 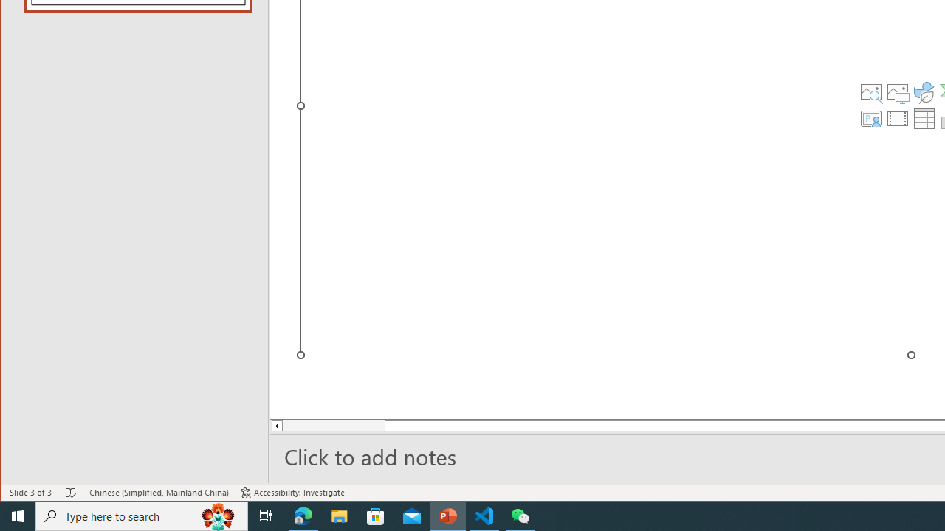 I want to click on 'Search highlights icon opens search home window', so click(x=217, y=515).